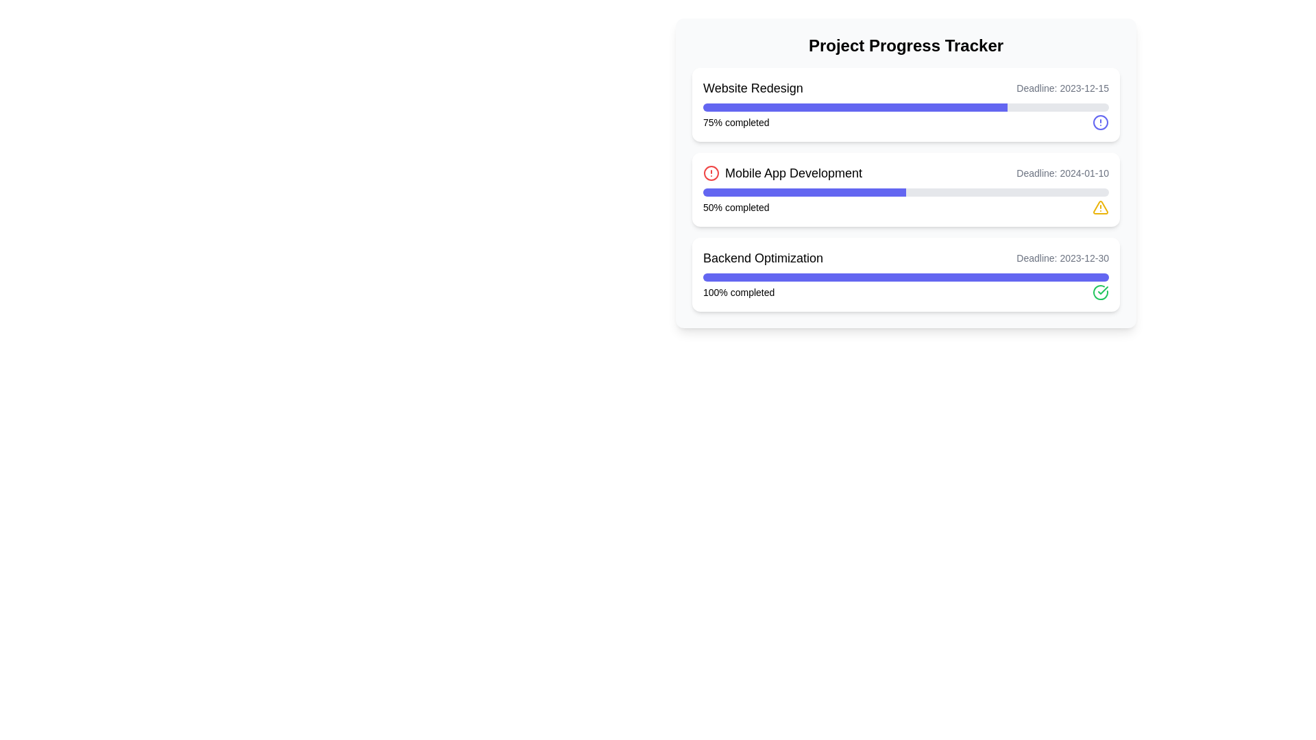  What do you see at coordinates (735, 121) in the screenshot?
I see `the text label that indicates the percentage completion of the project, positioned below the 'Website Redesign' label and aligned with the progress bar` at bounding box center [735, 121].